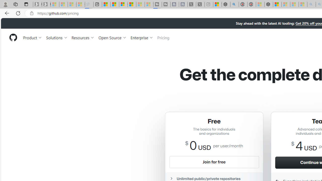  Describe the element at coordinates (112, 37) in the screenshot. I see `'Open Source'` at that location.